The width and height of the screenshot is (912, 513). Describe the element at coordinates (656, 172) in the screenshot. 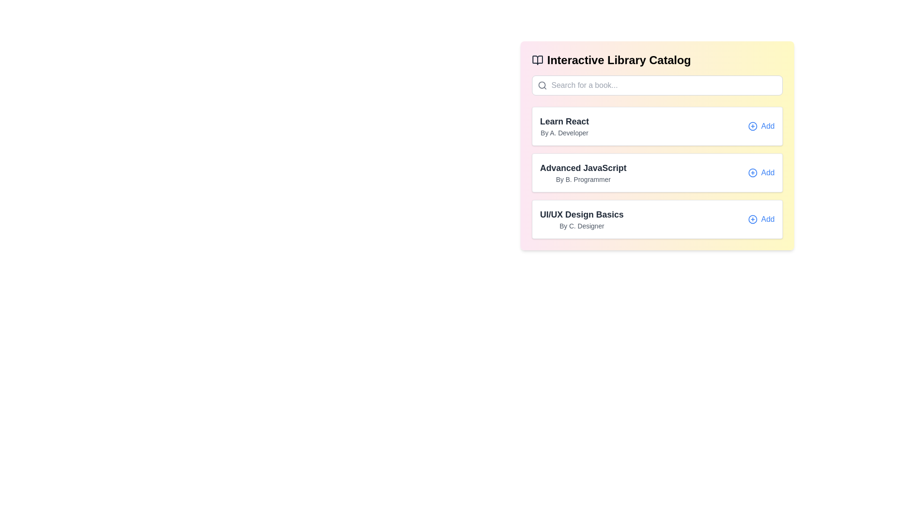

I see `title 'Advanced JavaScript' and the author information 'By B. Programmer' from the card displaying book information located in the Interactive Library Catalog` at that location.